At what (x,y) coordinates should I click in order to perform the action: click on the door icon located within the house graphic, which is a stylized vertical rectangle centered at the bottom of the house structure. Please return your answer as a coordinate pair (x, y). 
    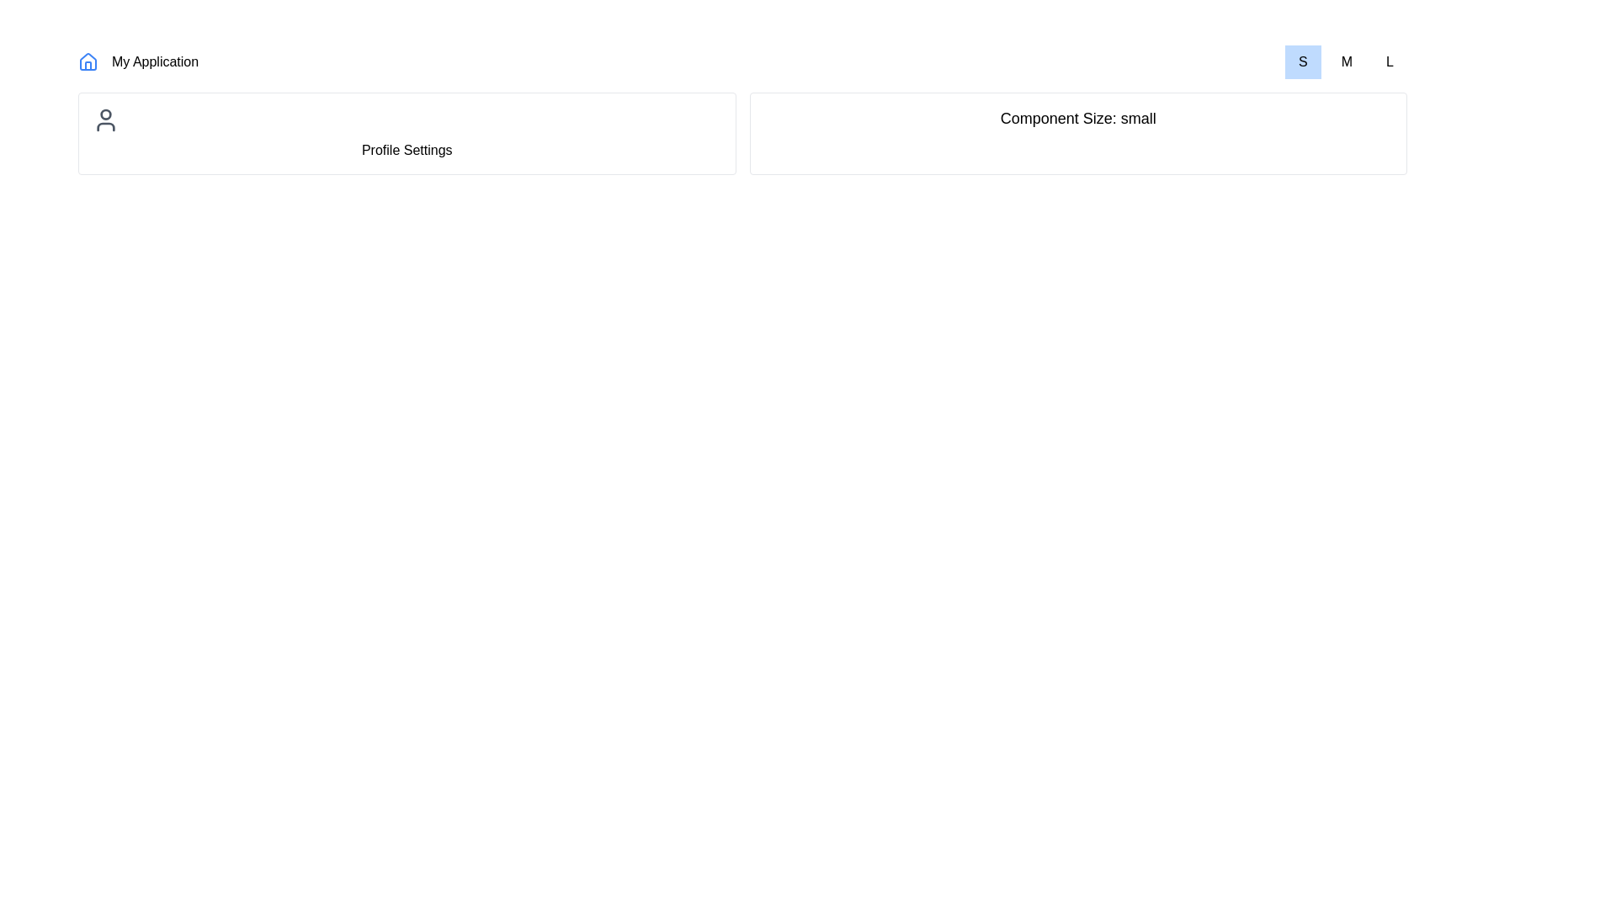
    Looking at the image, I should click on (88, 65).